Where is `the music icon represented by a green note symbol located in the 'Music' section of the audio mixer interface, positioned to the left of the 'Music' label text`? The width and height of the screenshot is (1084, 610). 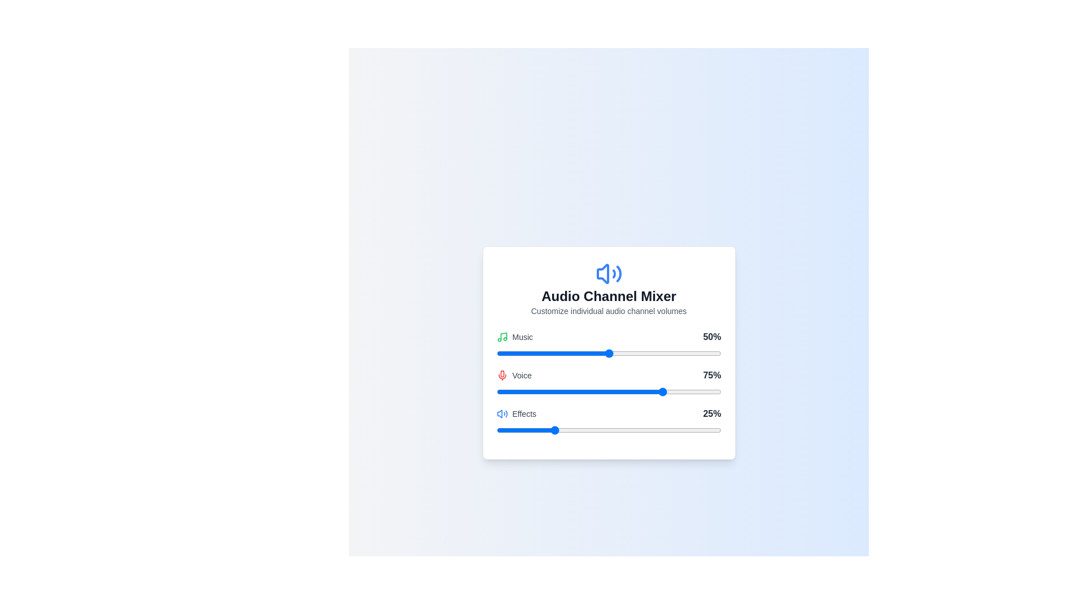
the music icon represented by a green note symbol located in the 'Music' section of the audio mixer interface, positioned to the left of the 'Music' label text is located at coordinates (501, 337).